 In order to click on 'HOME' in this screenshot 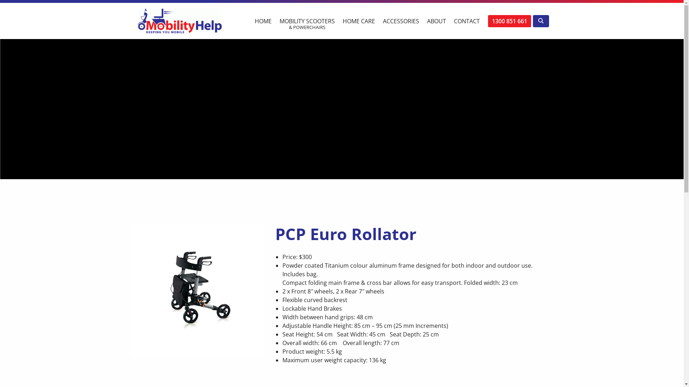, I will do `click(262, 17)`.